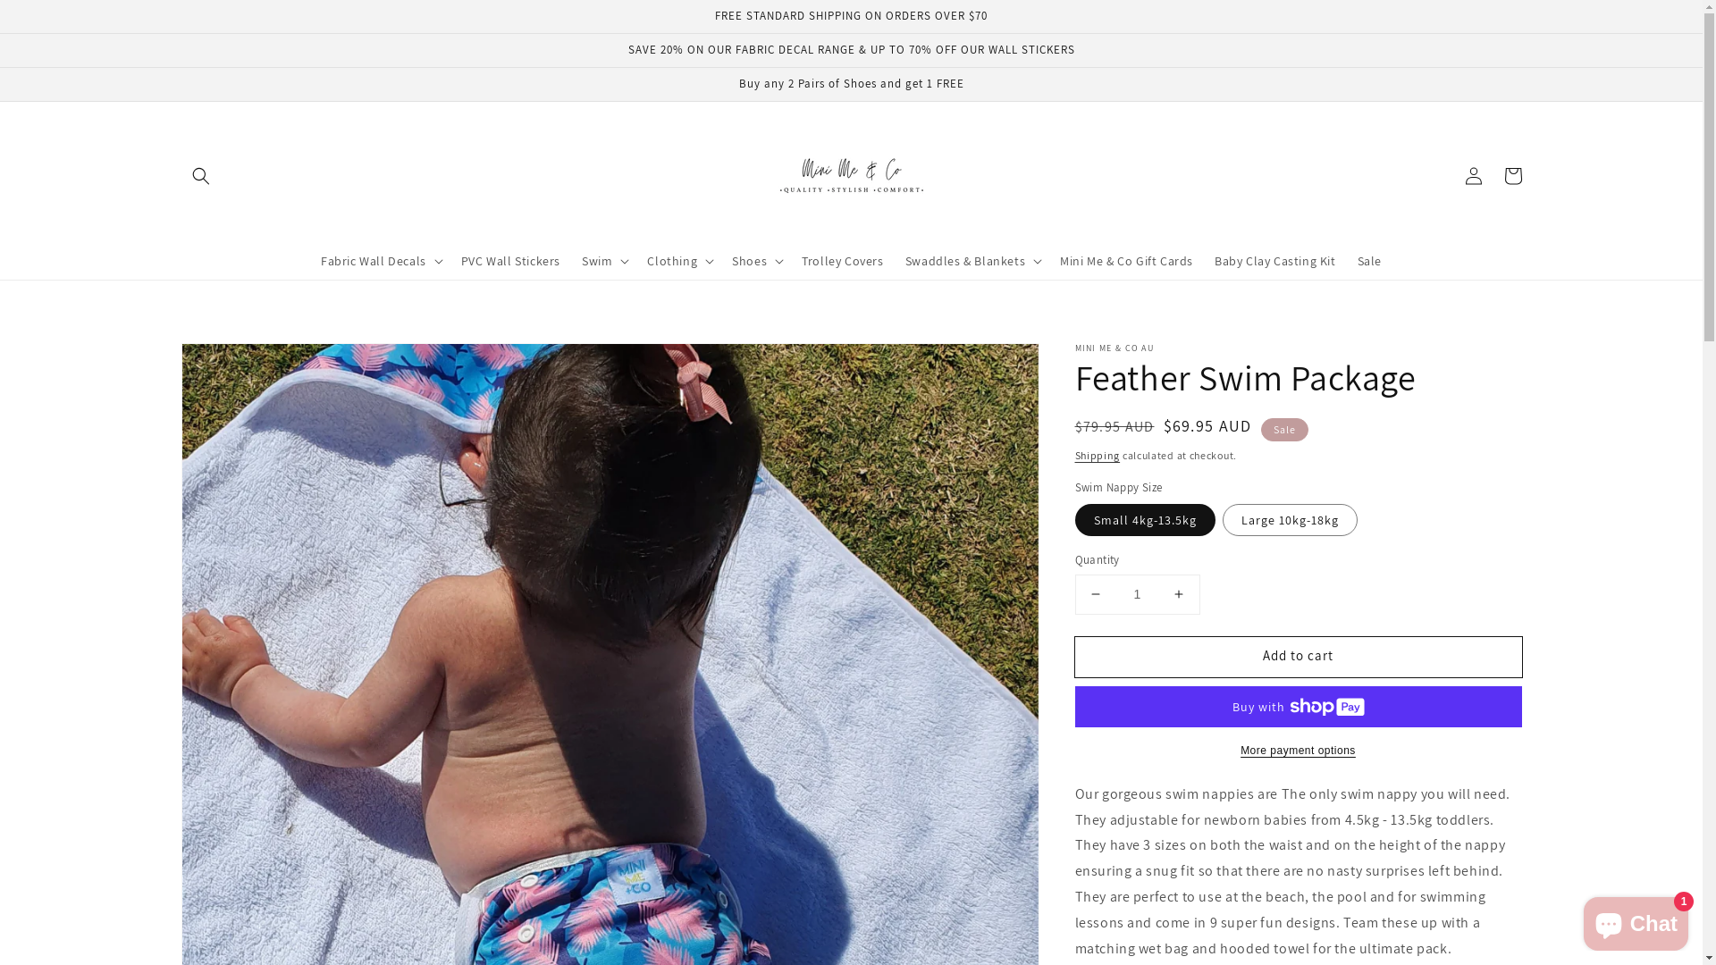  Describe the element at coordinates (1472, 175) in the screenshot. I see `'Log in'` at that location.